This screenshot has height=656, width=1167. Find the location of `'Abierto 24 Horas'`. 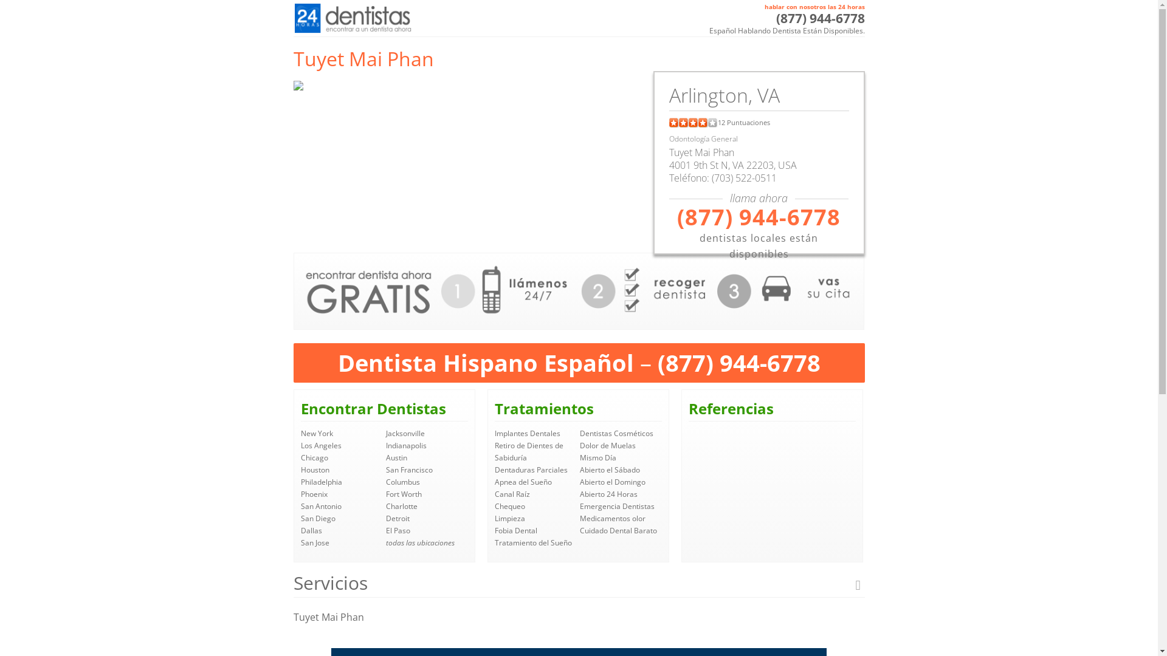

'Abierto 24 Horas' is located at coordinates (608, 494).